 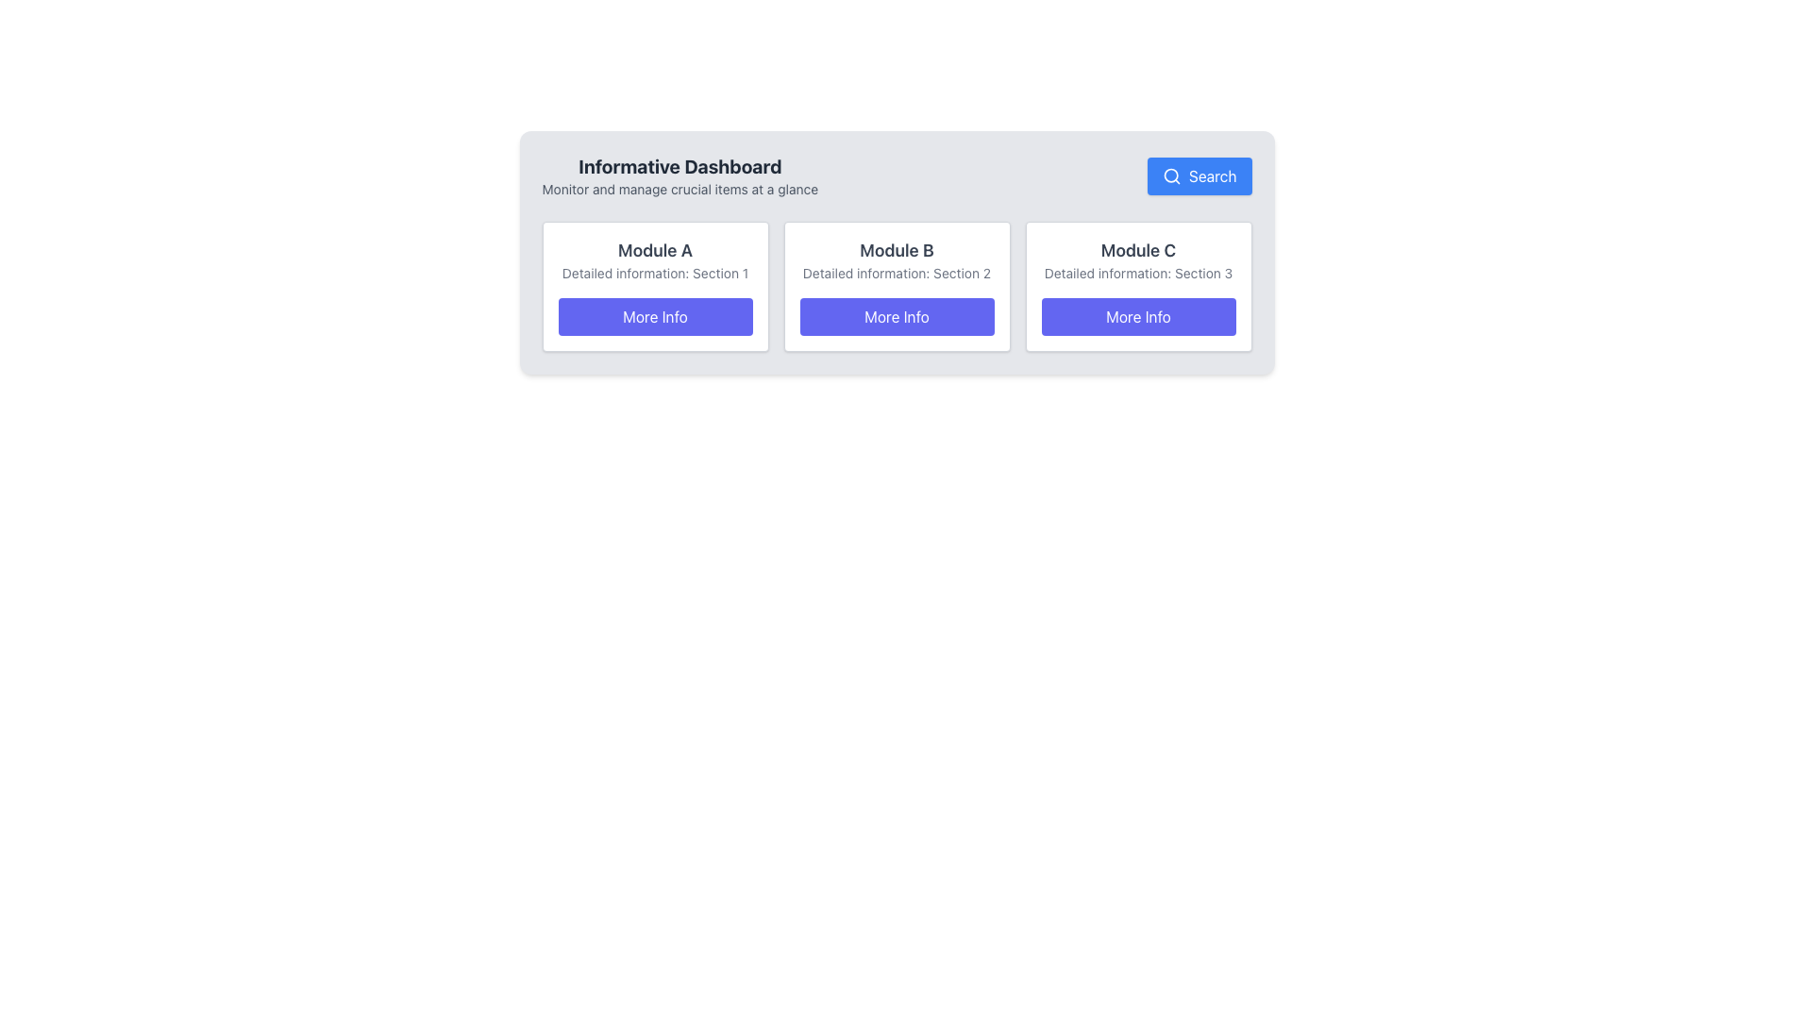 I want to click on the blue button labeled 'More Info' at the bottom of the card titled 'Module A', so click(x=655, y=287).